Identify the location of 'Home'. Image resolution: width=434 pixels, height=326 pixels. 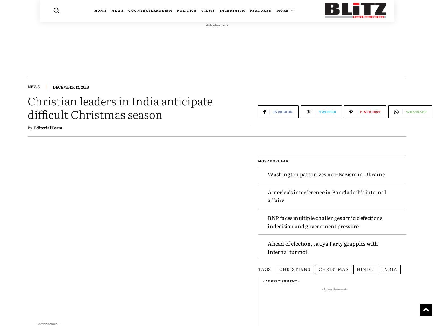
(100, 10).